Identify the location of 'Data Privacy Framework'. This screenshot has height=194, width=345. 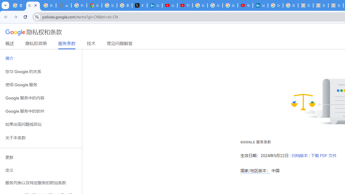
(321, 5).